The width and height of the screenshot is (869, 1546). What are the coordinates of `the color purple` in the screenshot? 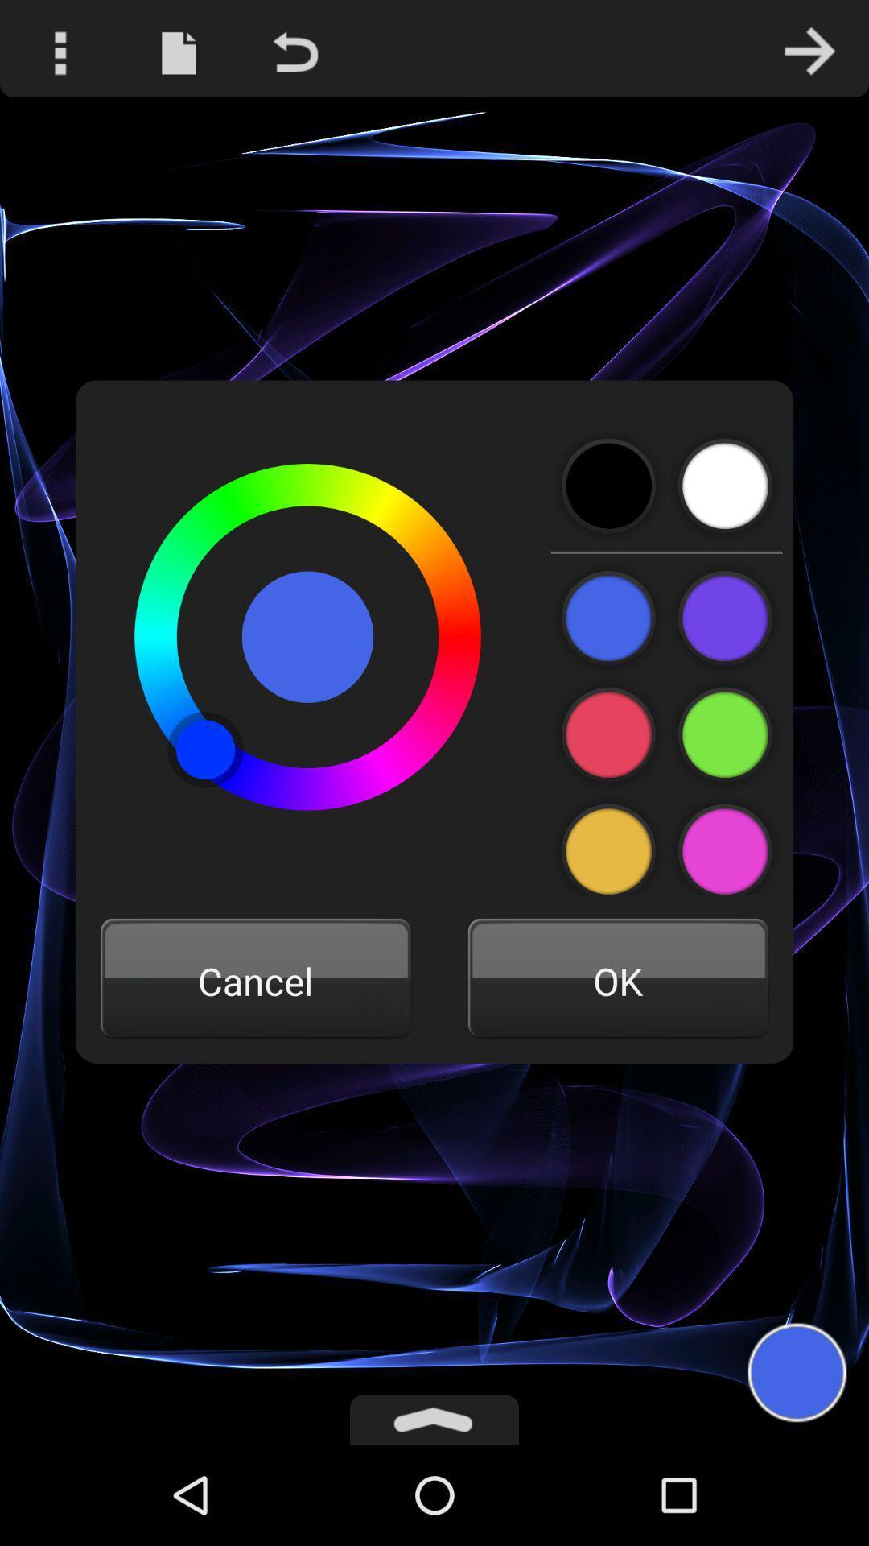 It's located at (725, 843).